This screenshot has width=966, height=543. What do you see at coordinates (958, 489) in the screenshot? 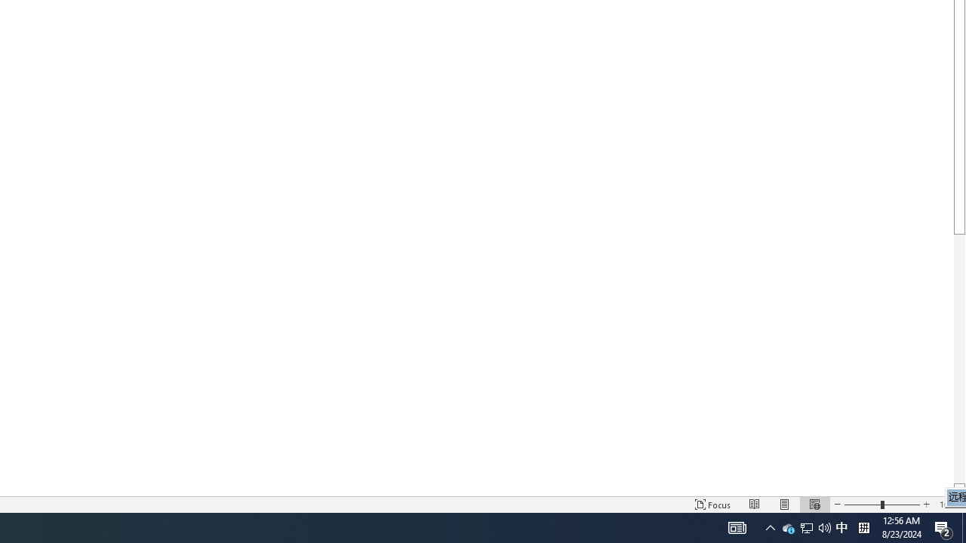
I see `'Line down'` at bounding box center [958, 489].